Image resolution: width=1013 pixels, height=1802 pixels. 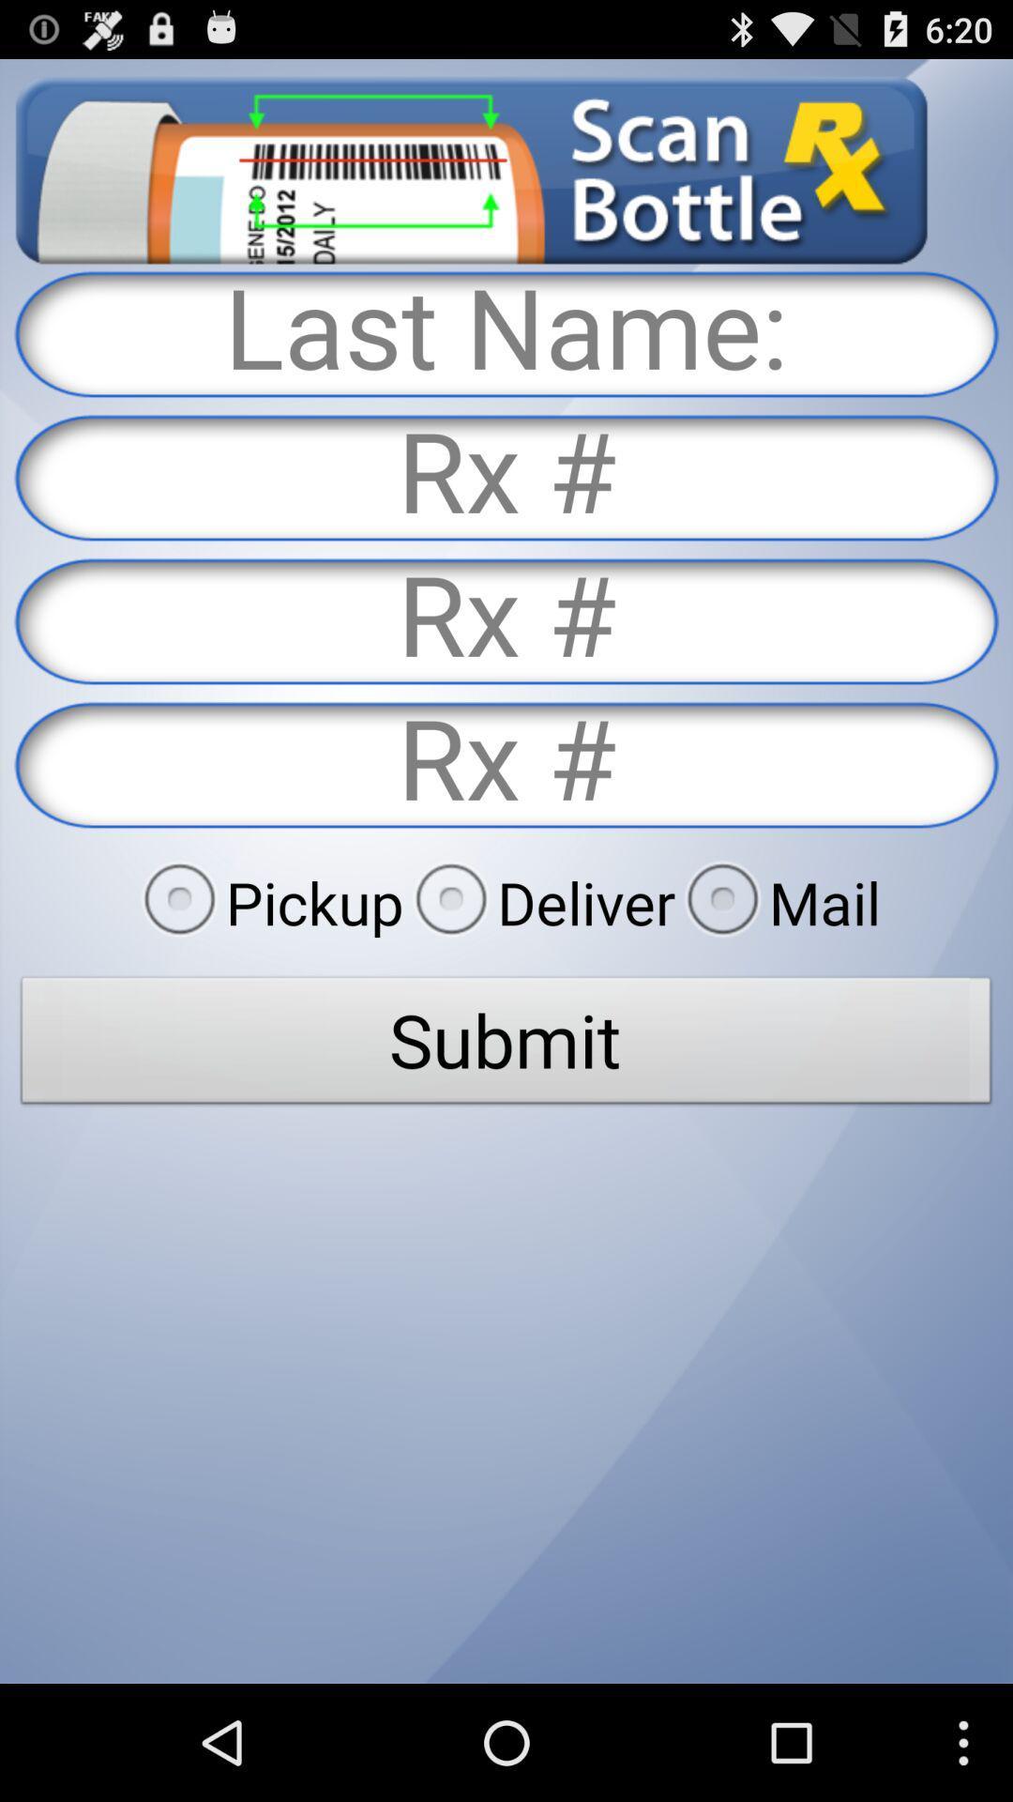 I want to click on mail item, so click(x=778, y=902).